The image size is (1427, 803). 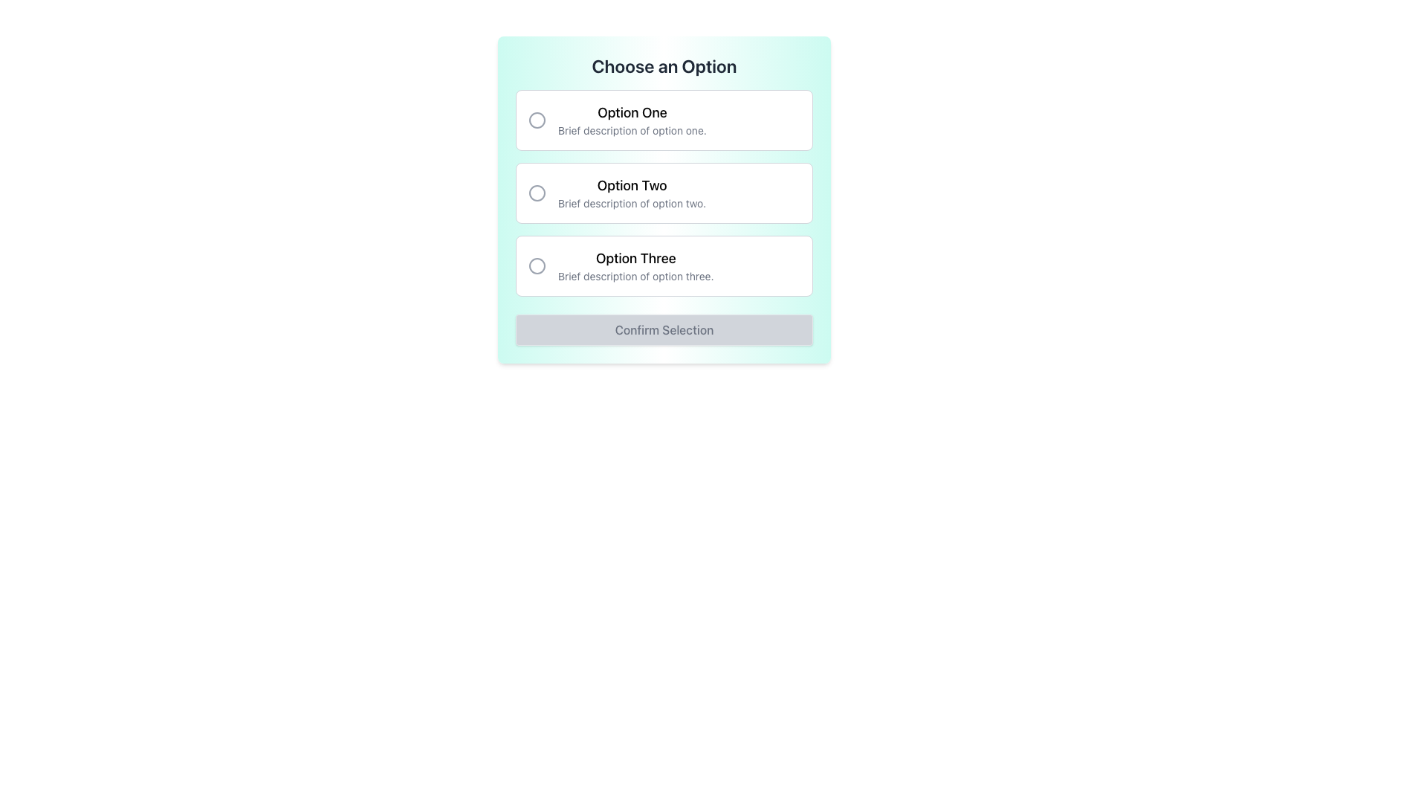 What do you see at coordinates (537, 192) in the screenshot?
I see `the SVG Circle that represents the selection state for 'Option Two' in the vertical list of options` at bounding box center [537, 192].